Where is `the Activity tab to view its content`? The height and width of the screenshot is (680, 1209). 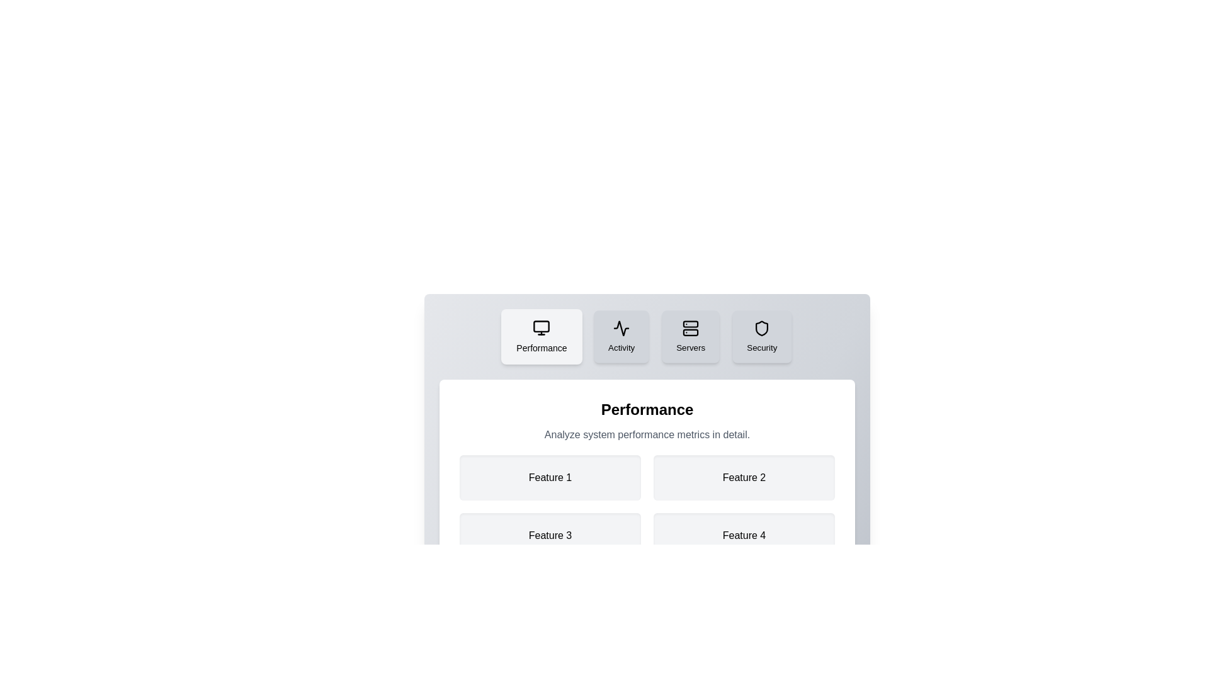
the Activity tab to view its content is located at coordinates (620, 336).